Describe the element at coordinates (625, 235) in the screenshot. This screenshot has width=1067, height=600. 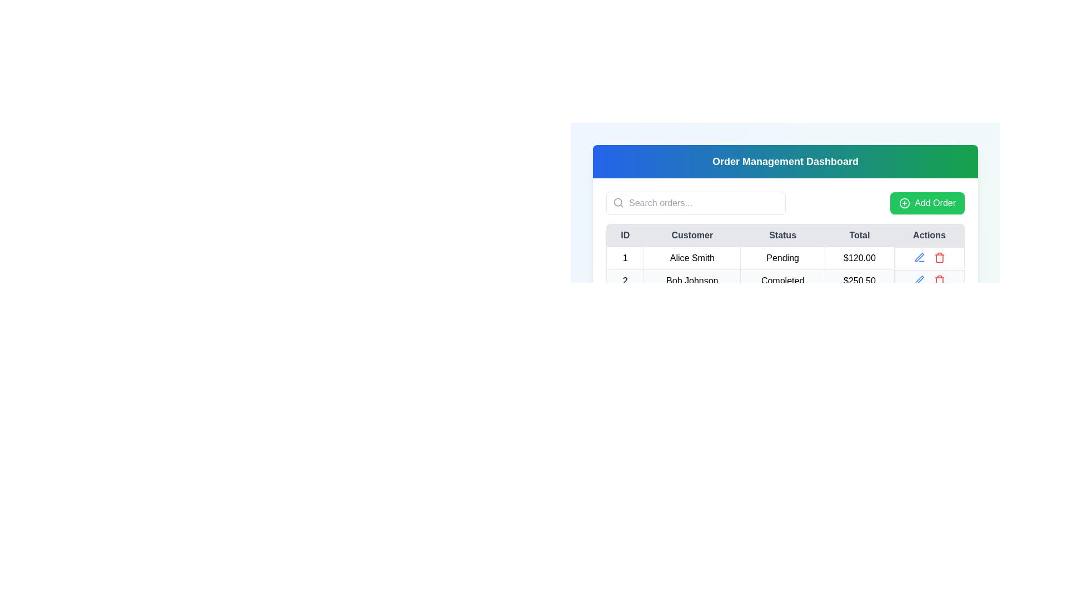
I see `the header cell displaying 'ID' in bold style within the table's header row, which has a light gray background and dark text` at that location.